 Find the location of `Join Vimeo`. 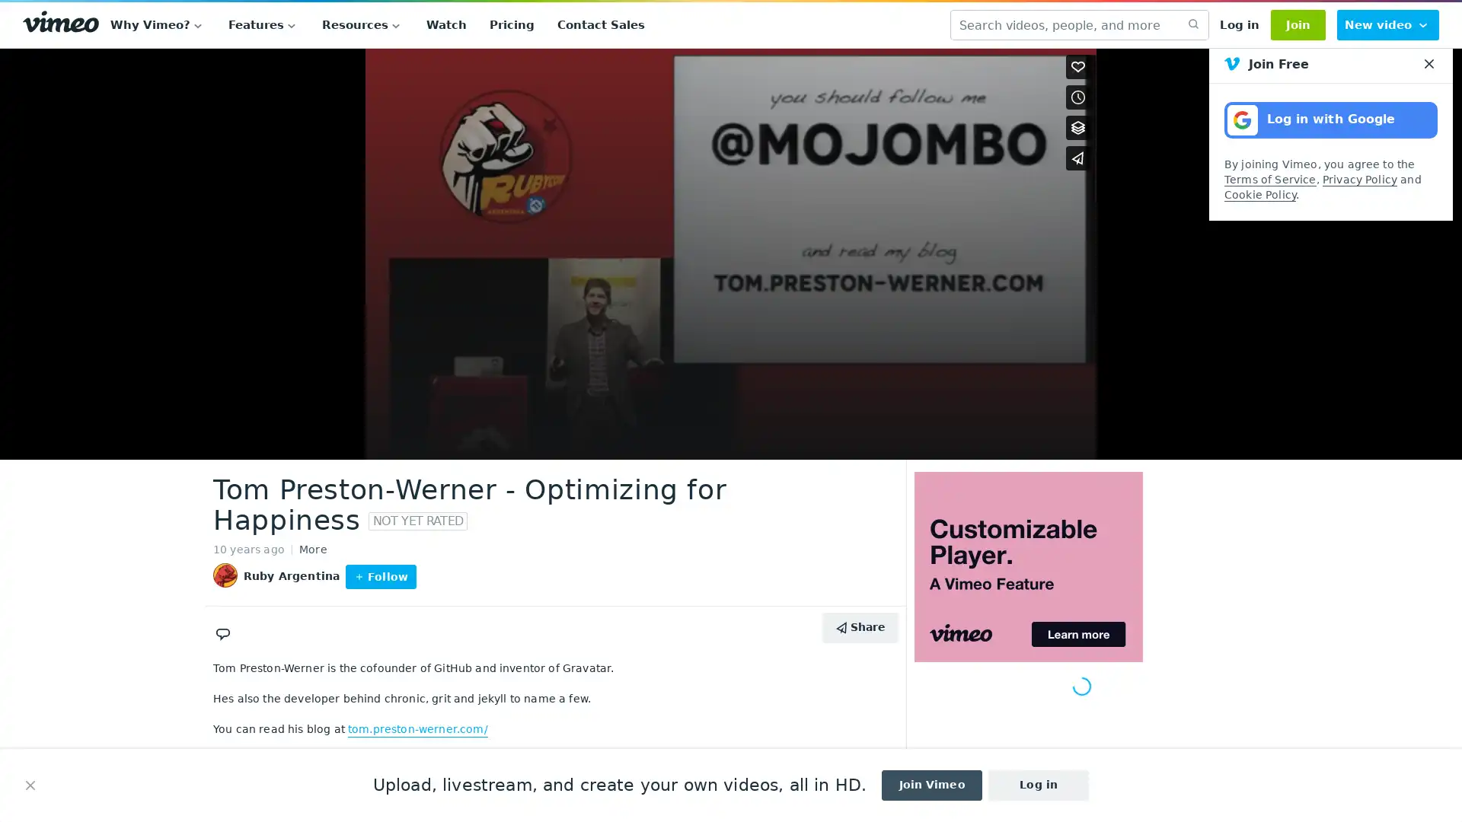

Join Vimeo is located at coordinates (931, 785).